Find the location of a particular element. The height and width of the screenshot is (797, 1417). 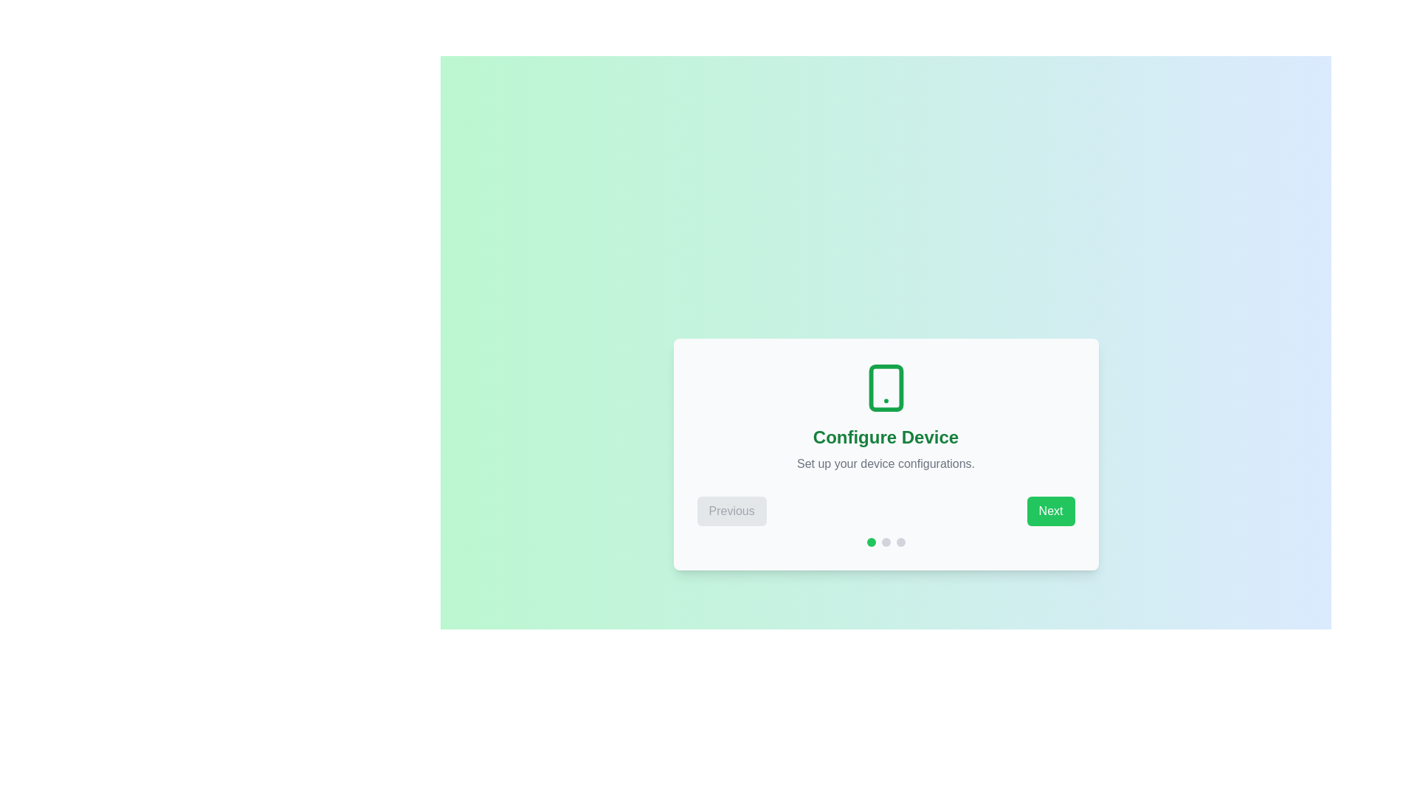

the current step indicator is located at coordinates (871, 542).